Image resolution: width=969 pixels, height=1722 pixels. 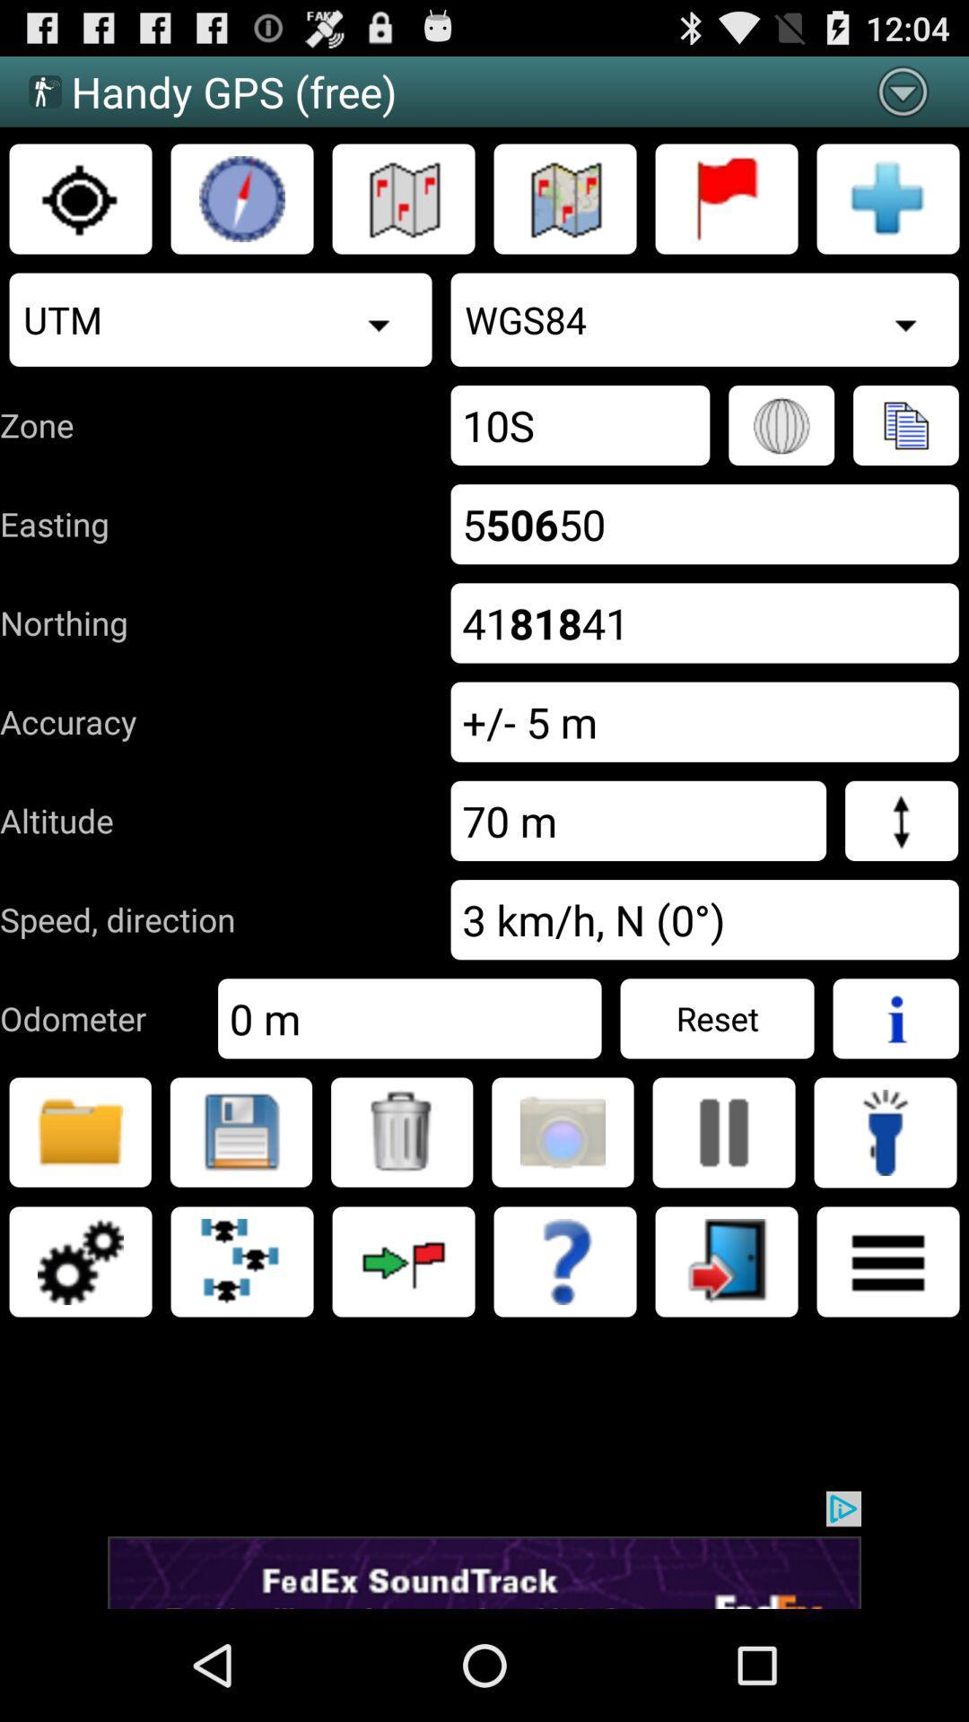 What do you see at coordinates (401, 1131) in the screenshot?
I see `delete button` at bounding box center [401, 1131].